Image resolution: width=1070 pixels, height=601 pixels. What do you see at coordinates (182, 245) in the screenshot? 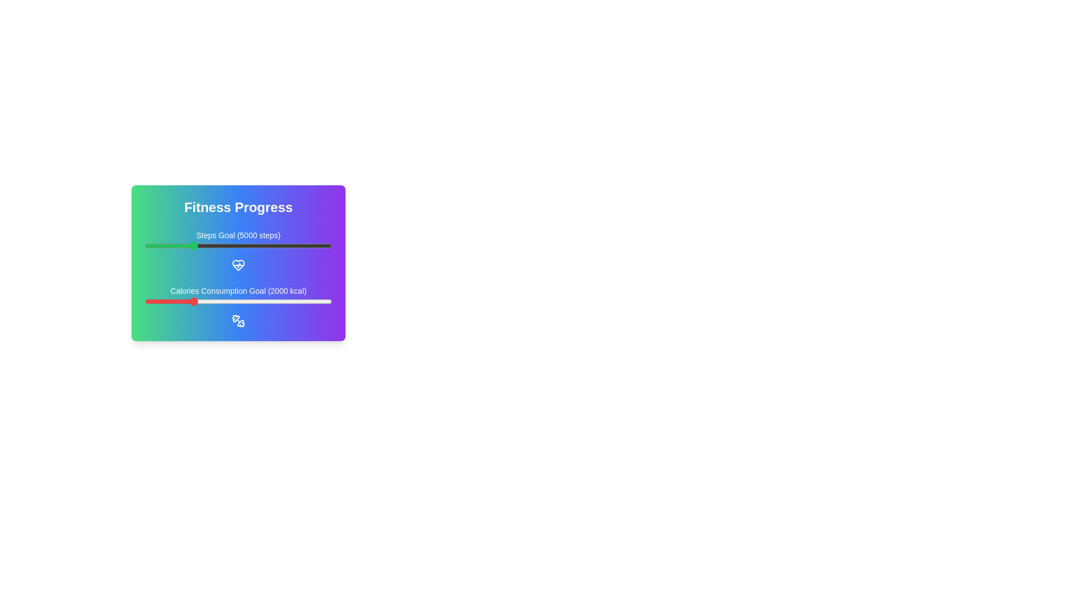
I see `the steps goal` at bounding box center [182, 245].